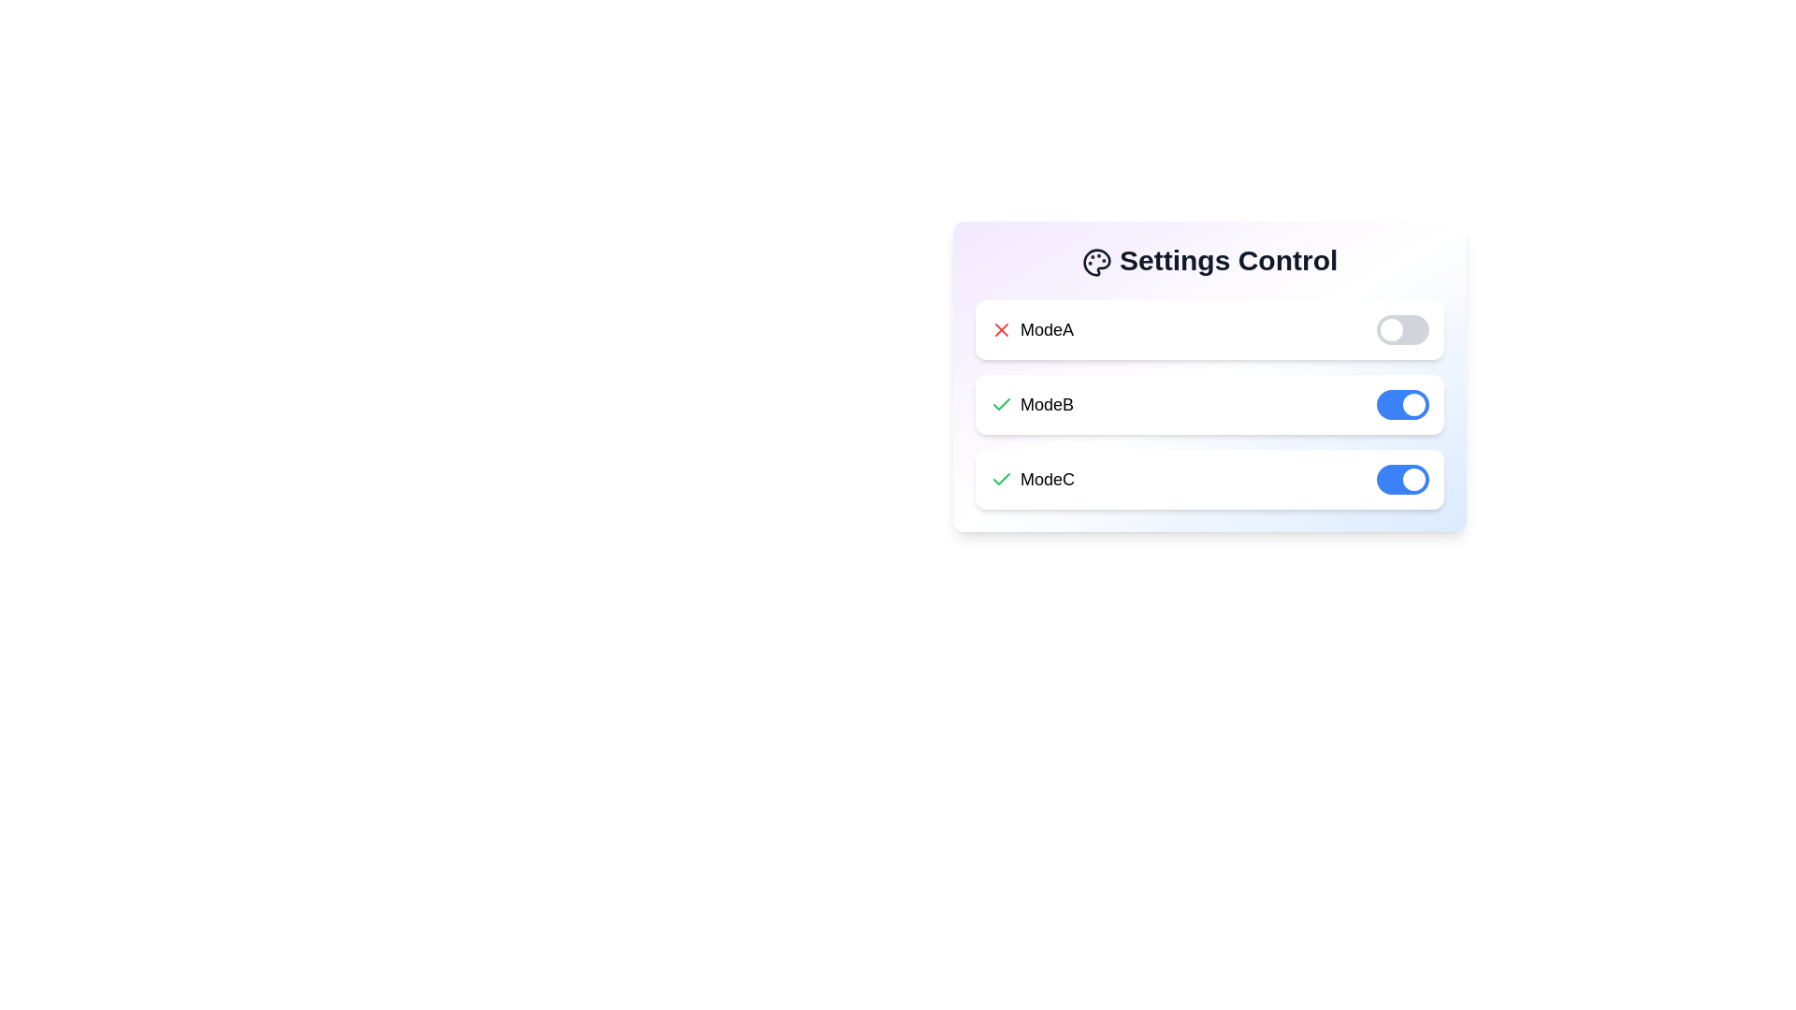  I want to click on the toggle switch for 'ModeB' located at the far right of its row, so click(1402, 403).